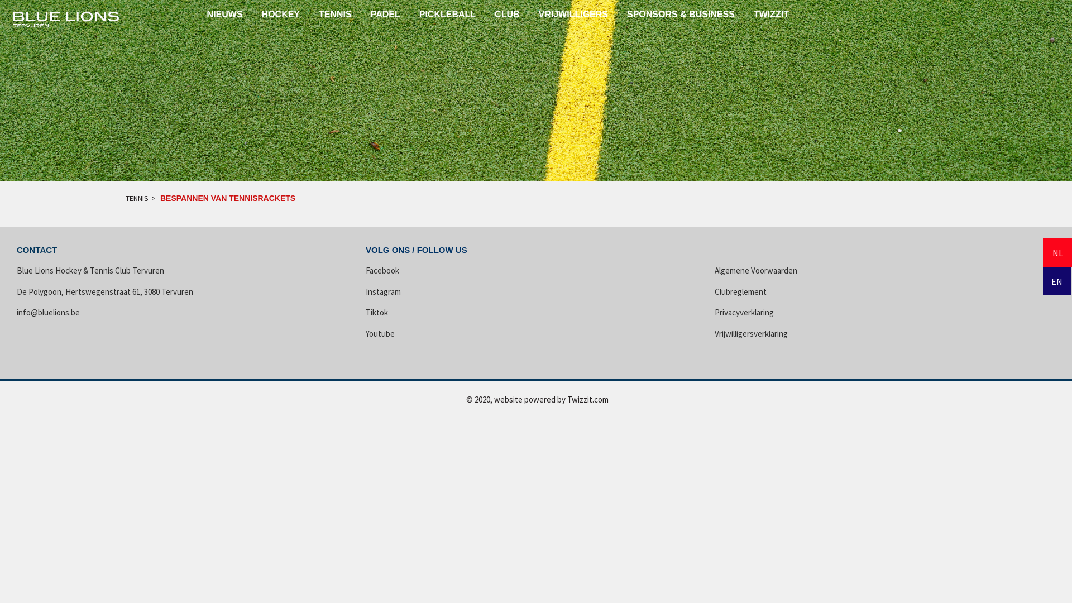  What do you see at coordinates (447, 15) in the screenshot?
I see `'PICKLEBALL'` at bounding box center [447, 15].